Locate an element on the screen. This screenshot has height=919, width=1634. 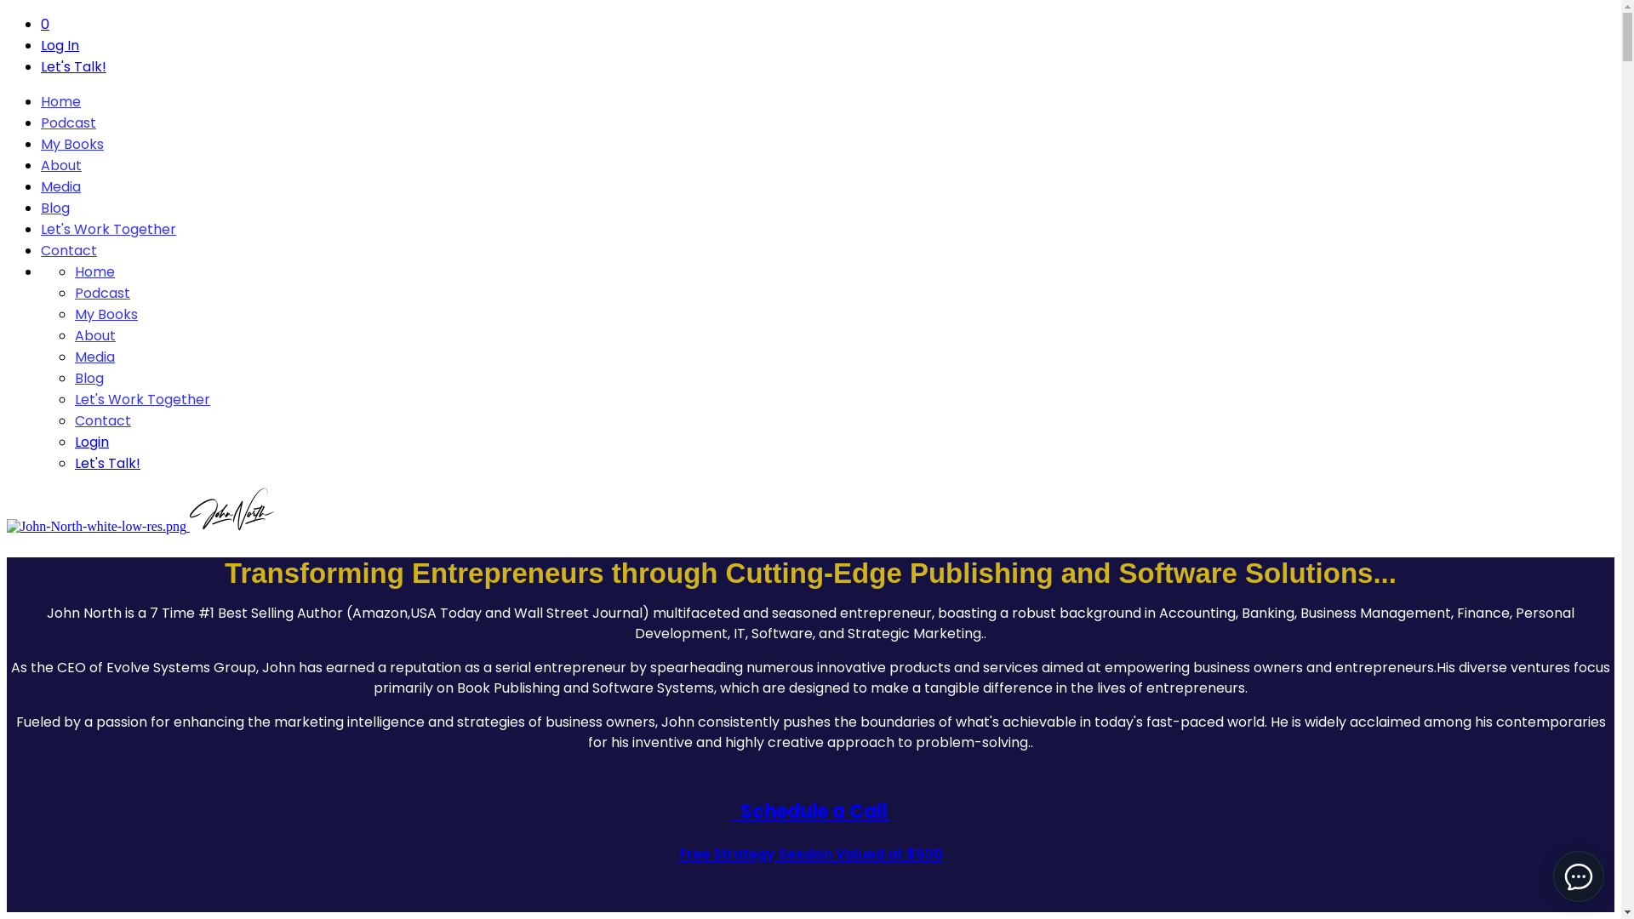
'Let's Talk!' is located at coordinates (106, 463).